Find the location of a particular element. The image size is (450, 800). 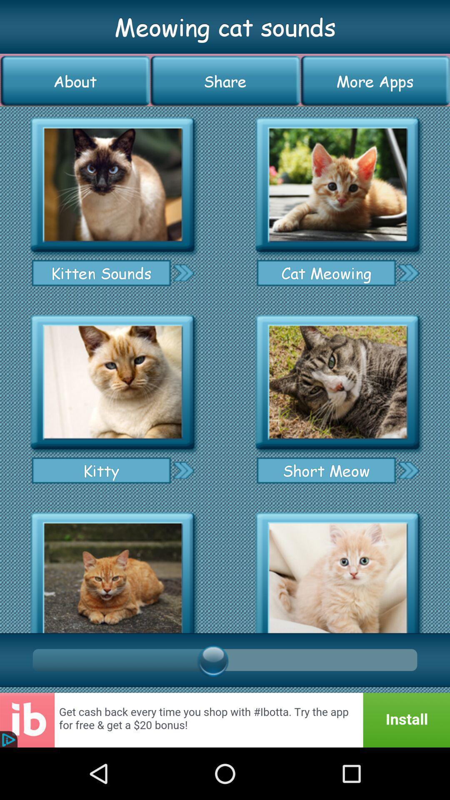

the button to the right of the share icon is located at coordinates (375, 81).